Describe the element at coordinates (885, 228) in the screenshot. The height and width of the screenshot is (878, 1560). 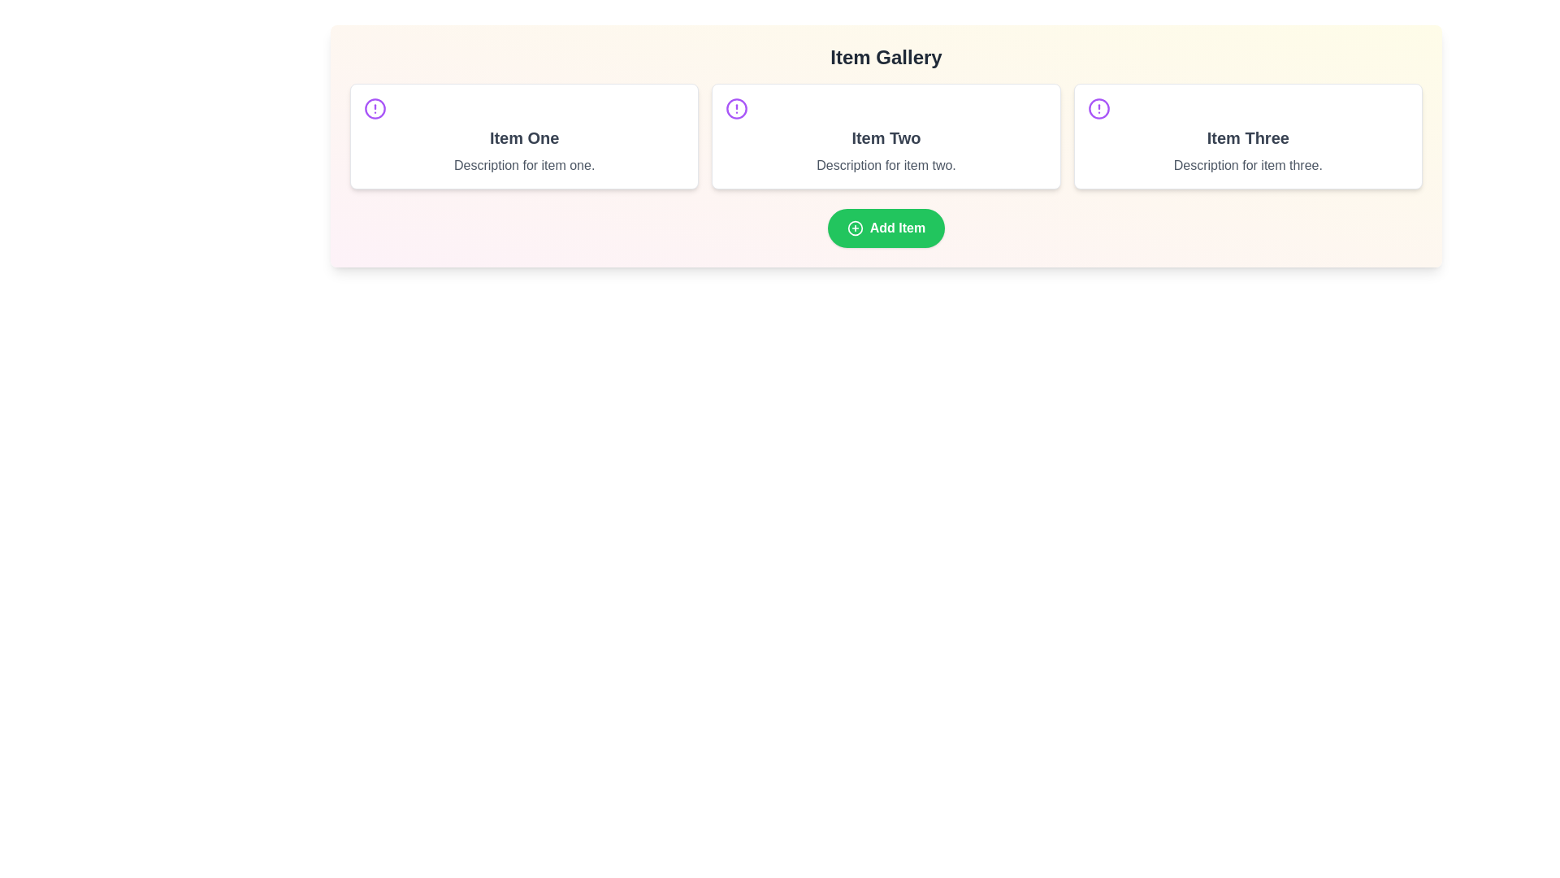
I see `the button with a bright green background and white text that reads 'Add Item'` at that location.